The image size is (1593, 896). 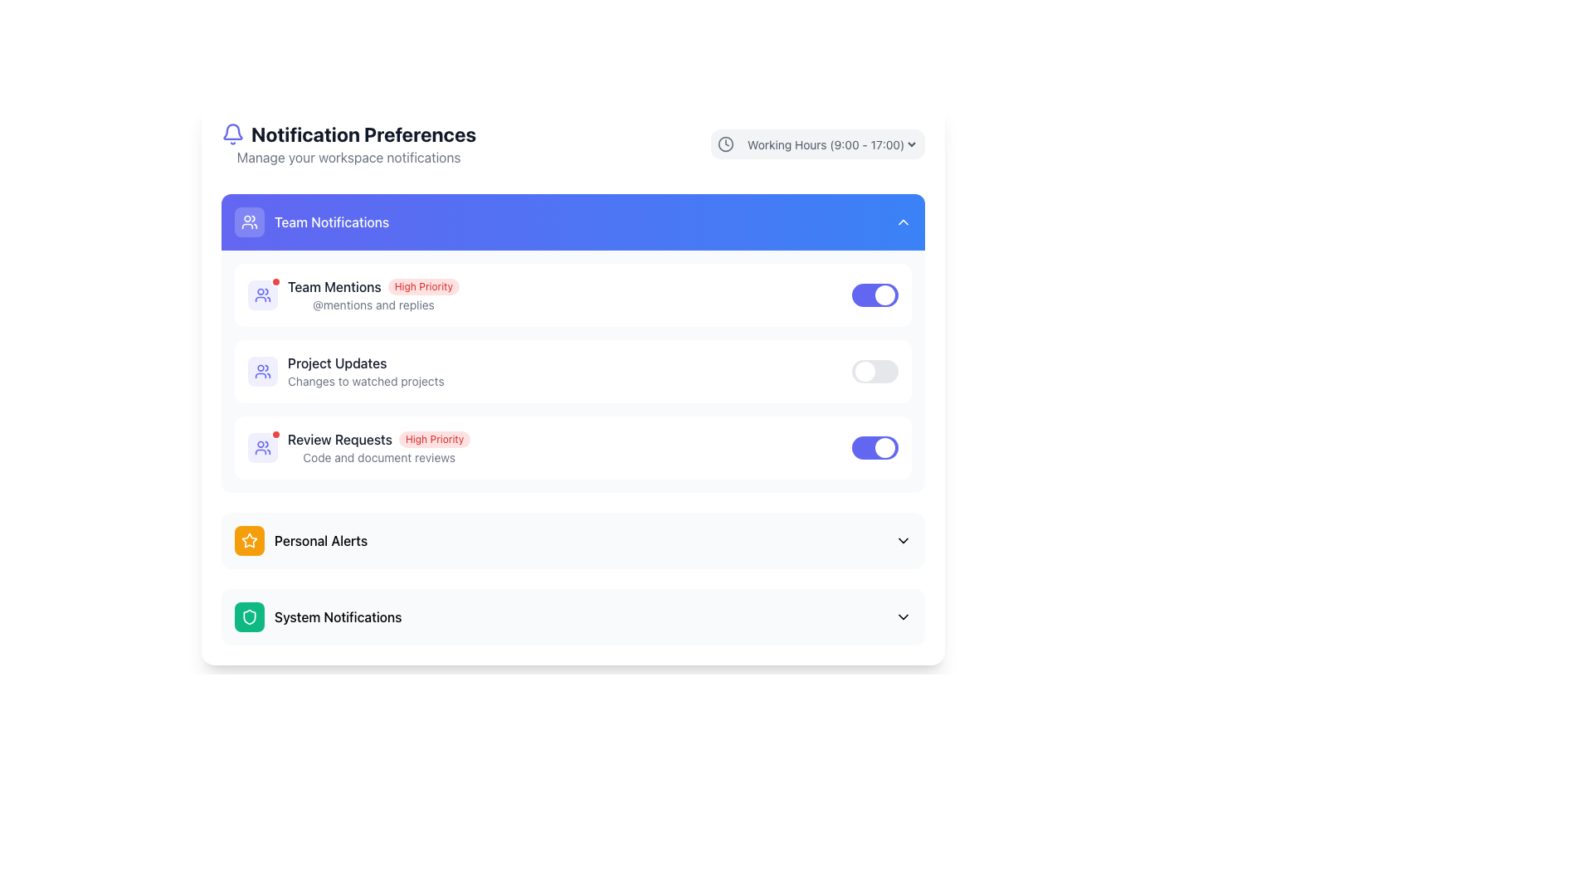 What do you see at coordinates (874, 448) in the screenshot?
I see `the third toggle switch for 'Review Requests' notifications in the 'Team Notifications' group` at bounding box center [874, 448].